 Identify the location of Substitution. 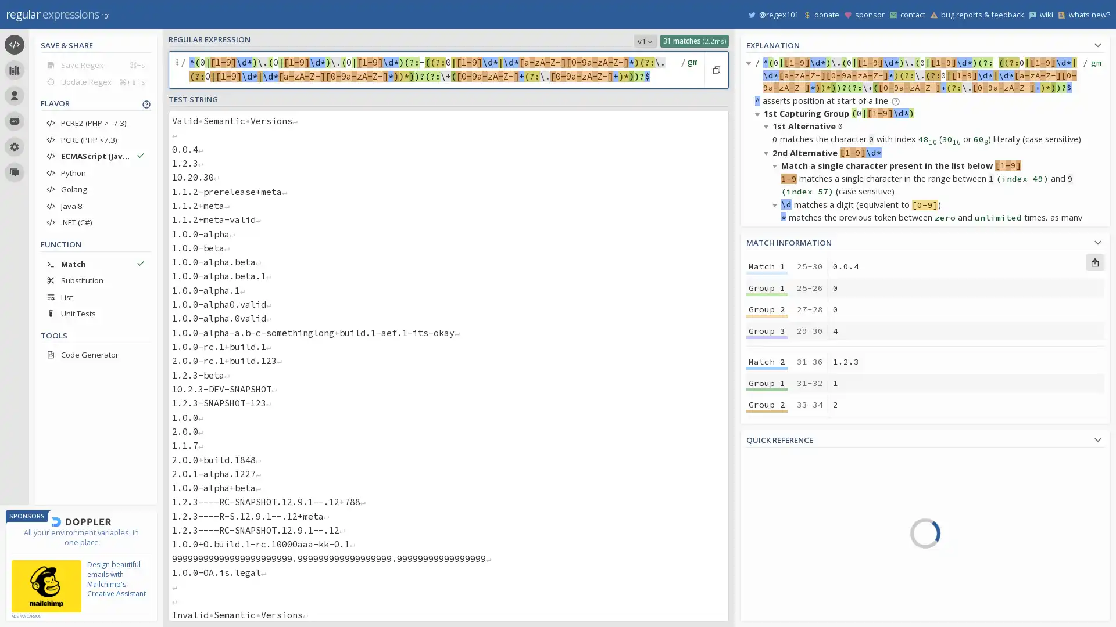
(95, 280).